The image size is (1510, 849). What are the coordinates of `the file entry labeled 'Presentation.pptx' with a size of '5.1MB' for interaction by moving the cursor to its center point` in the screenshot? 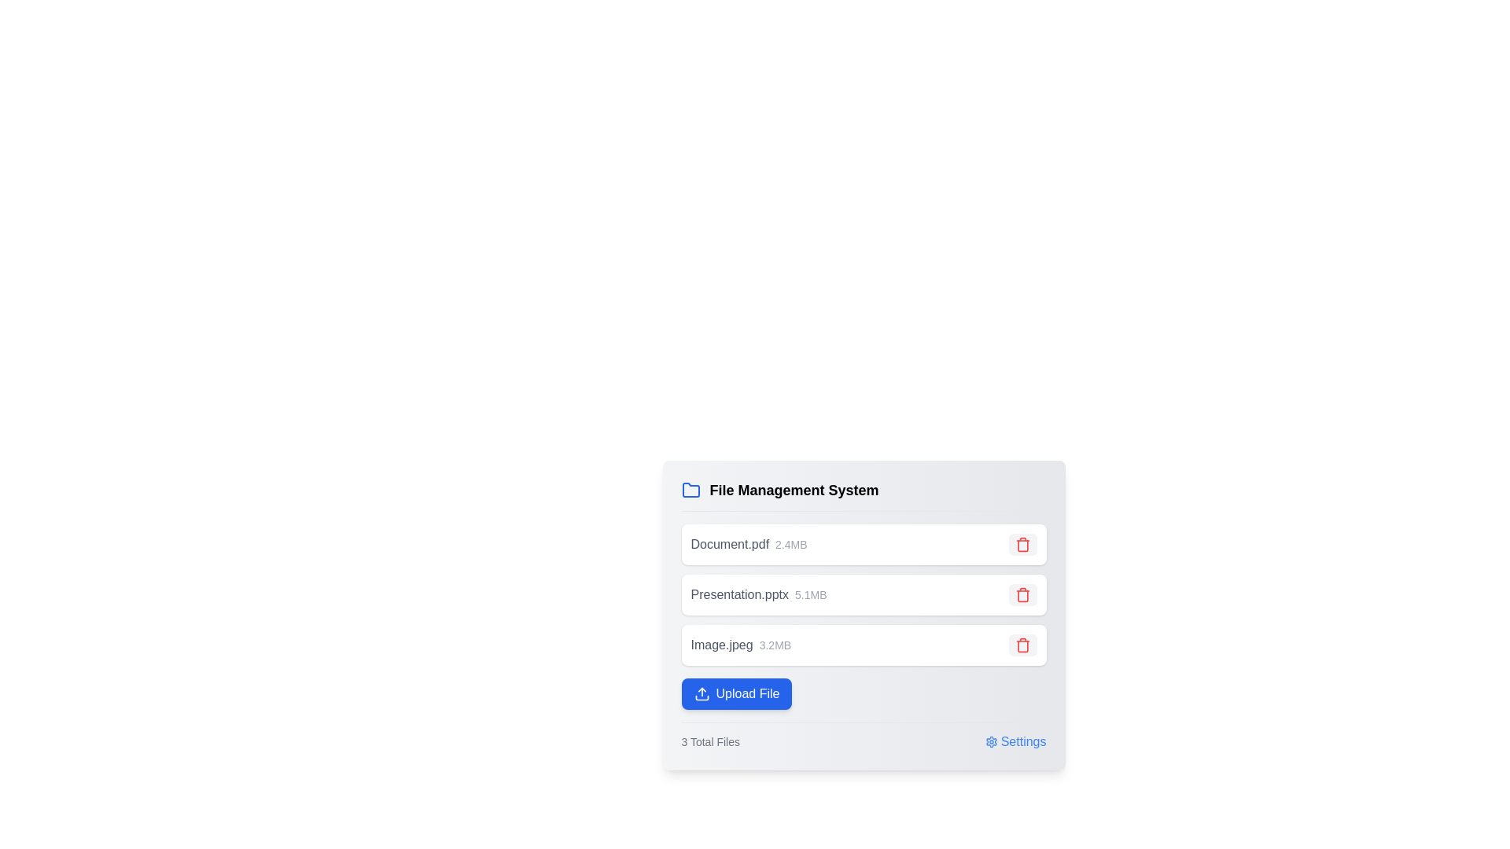 It's located at (863, 616).